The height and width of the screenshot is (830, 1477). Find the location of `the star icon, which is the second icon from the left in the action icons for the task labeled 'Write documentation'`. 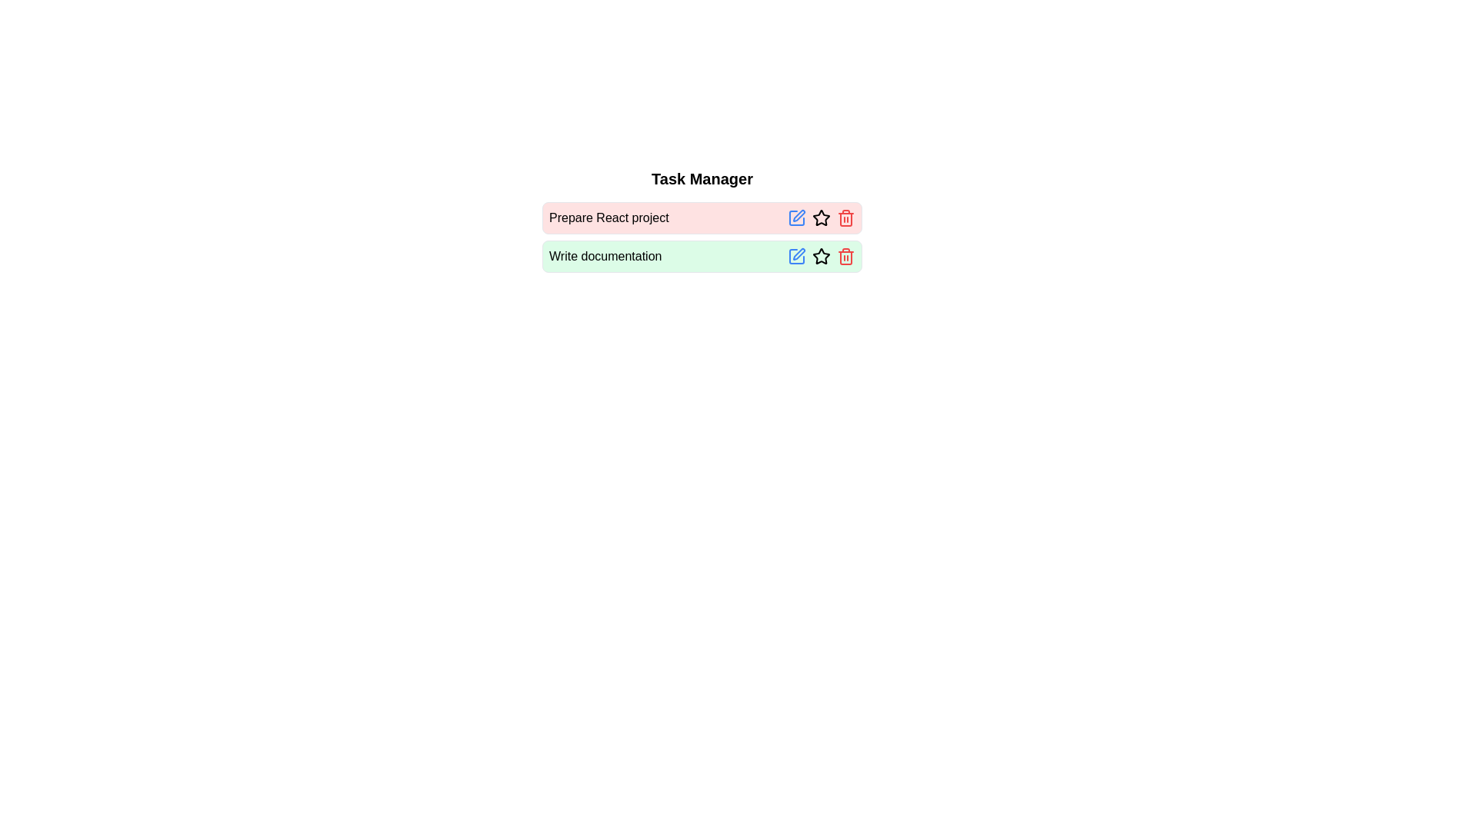

the star icon, which is the second icon from the left in the action icons for the task labeled 'Write documentation' is located at coordinates (821, 256).